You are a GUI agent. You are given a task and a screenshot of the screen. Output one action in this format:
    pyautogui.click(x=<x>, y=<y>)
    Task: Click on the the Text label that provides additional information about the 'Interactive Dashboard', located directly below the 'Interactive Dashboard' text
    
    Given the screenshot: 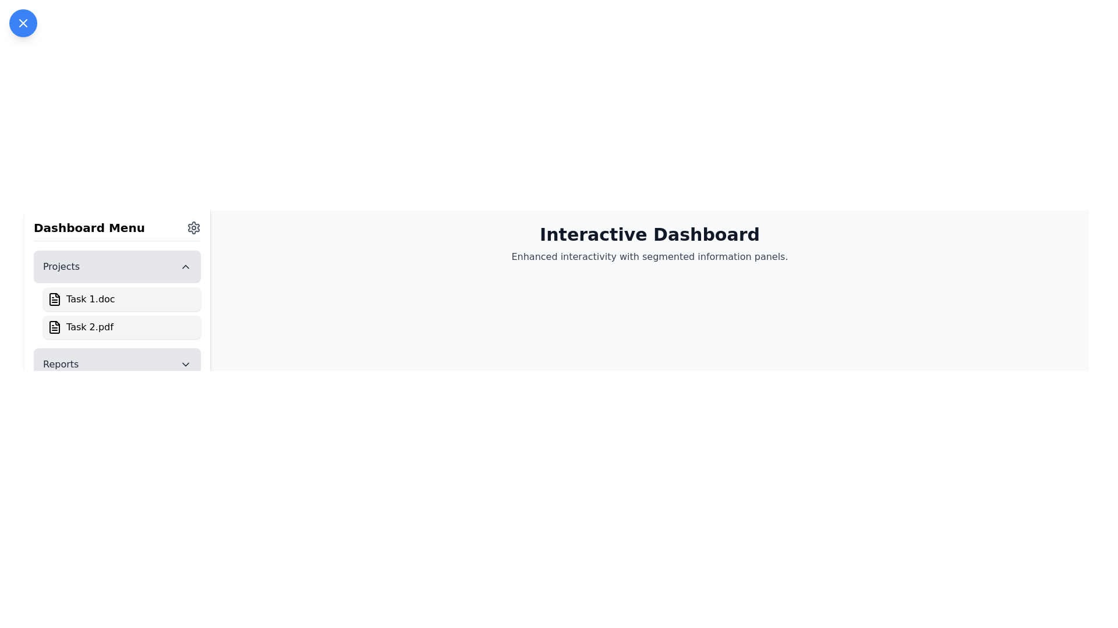 What is the action you would take?
    pyautogui.click(x=649, y=256)
    